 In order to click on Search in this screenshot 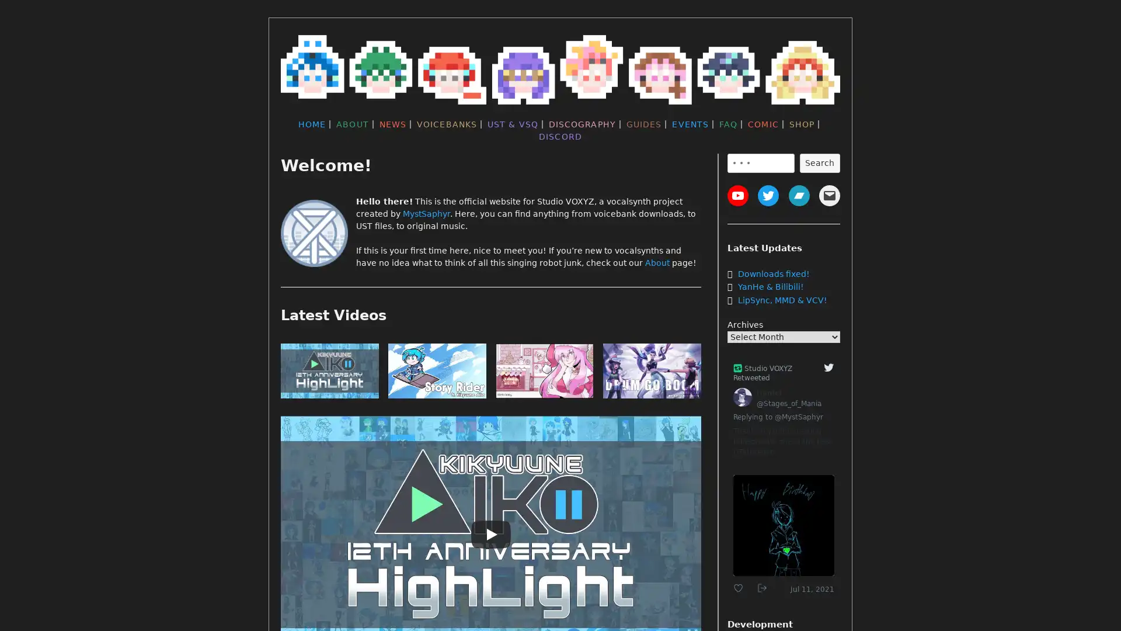, I will do `click(819, 162)`.